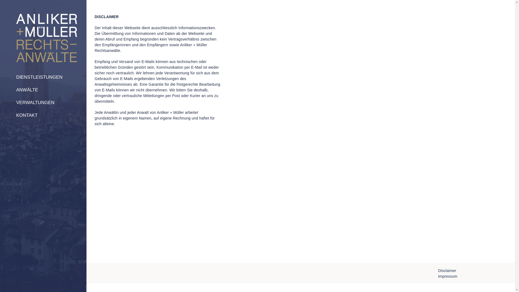 The height and width of the screenshot is (292, 519). I want to click on 'Impressum', so click(448, 276).